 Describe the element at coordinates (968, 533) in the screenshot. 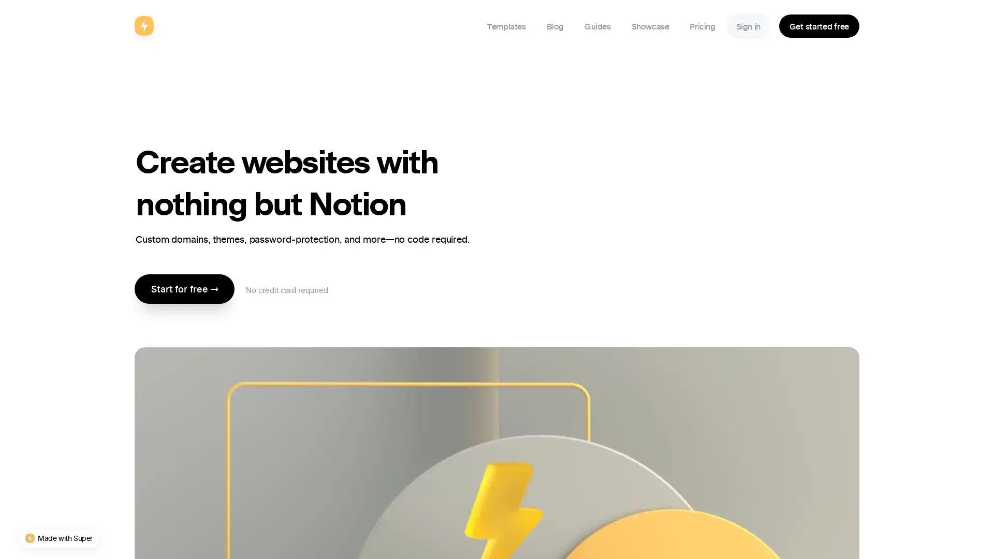

I see `Open Intercom Messenger` at that location.